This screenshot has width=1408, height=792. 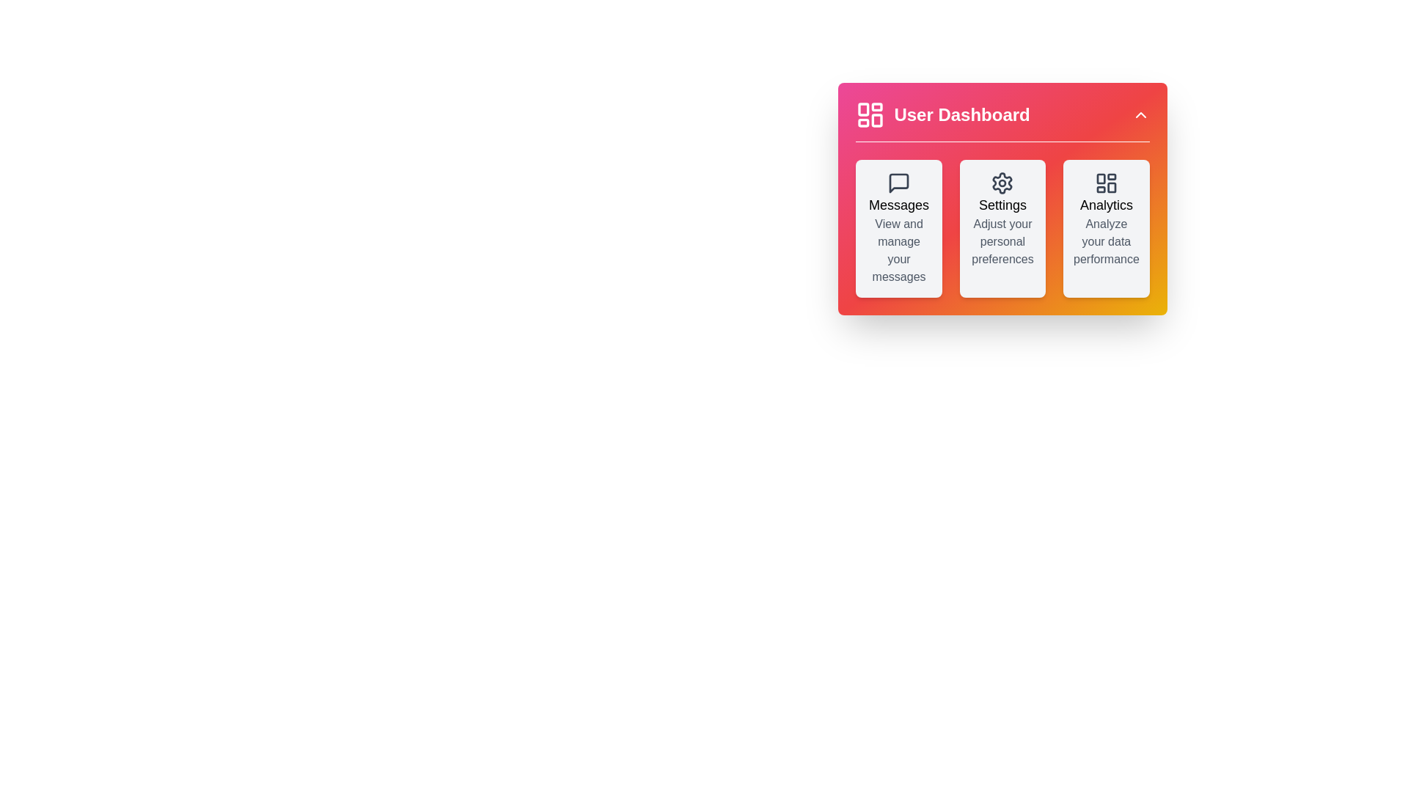 I want to click on descriptive text label beneath the 'Analytics' title in the third column of the grid arrangement, so click(x=1106, y=241).